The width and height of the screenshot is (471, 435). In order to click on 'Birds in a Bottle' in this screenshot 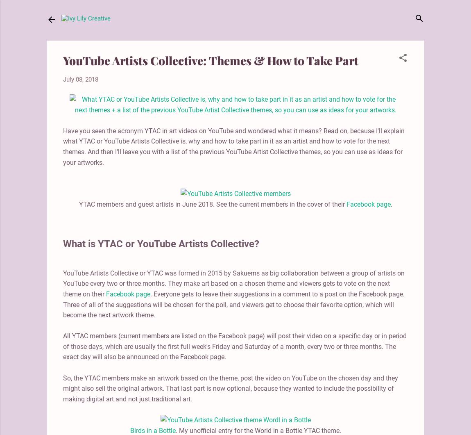, I will do `click(152, 430)`.